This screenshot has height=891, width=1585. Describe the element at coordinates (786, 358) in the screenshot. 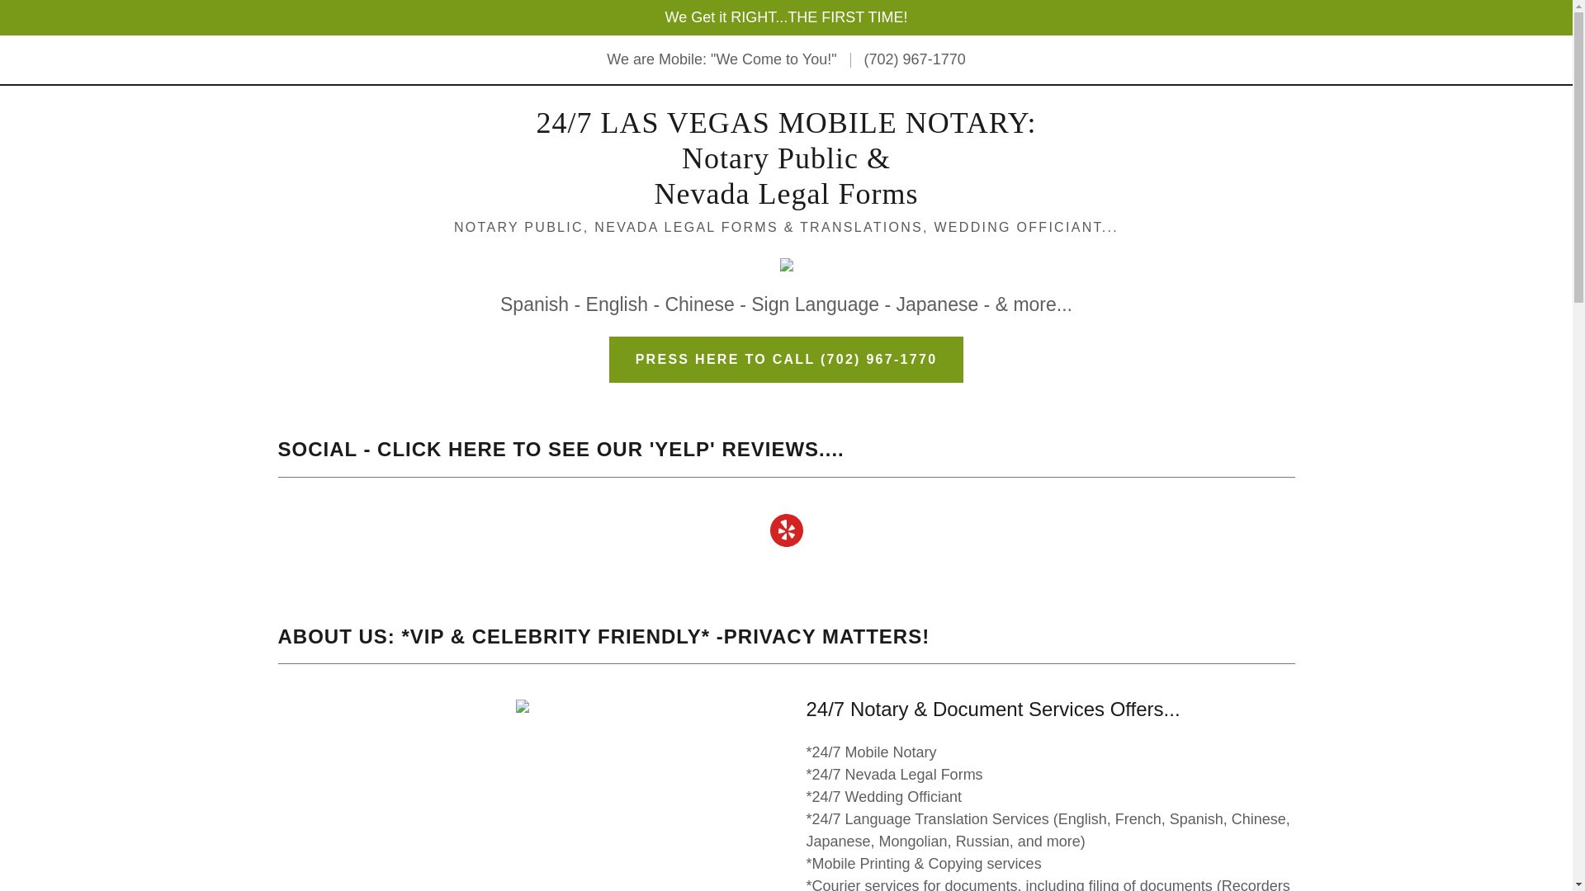

I see `'PRESS HERE TO CALL (702) 967-1770'` at that location.